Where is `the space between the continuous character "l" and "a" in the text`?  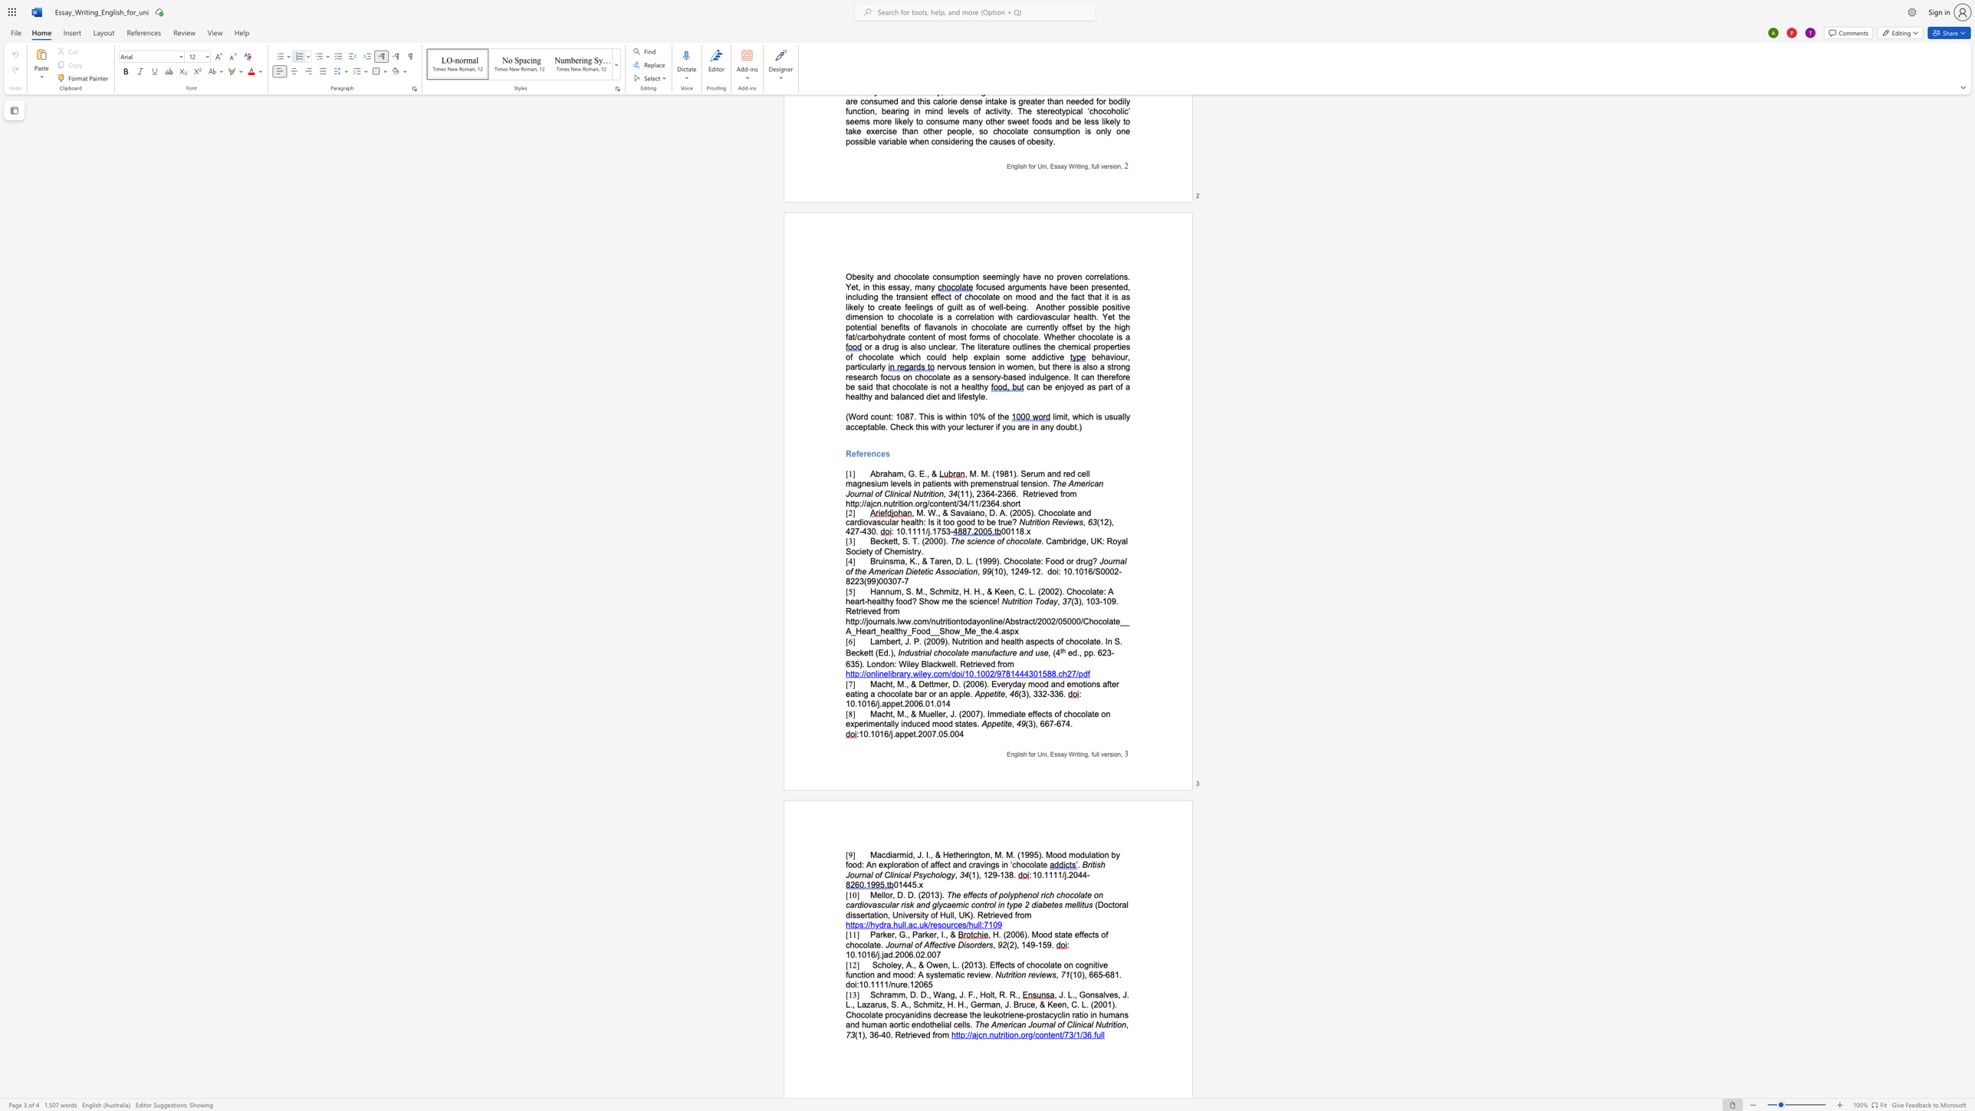
the space between the continuous character "l" and "a" in the text is located at coordinates (869, 944).